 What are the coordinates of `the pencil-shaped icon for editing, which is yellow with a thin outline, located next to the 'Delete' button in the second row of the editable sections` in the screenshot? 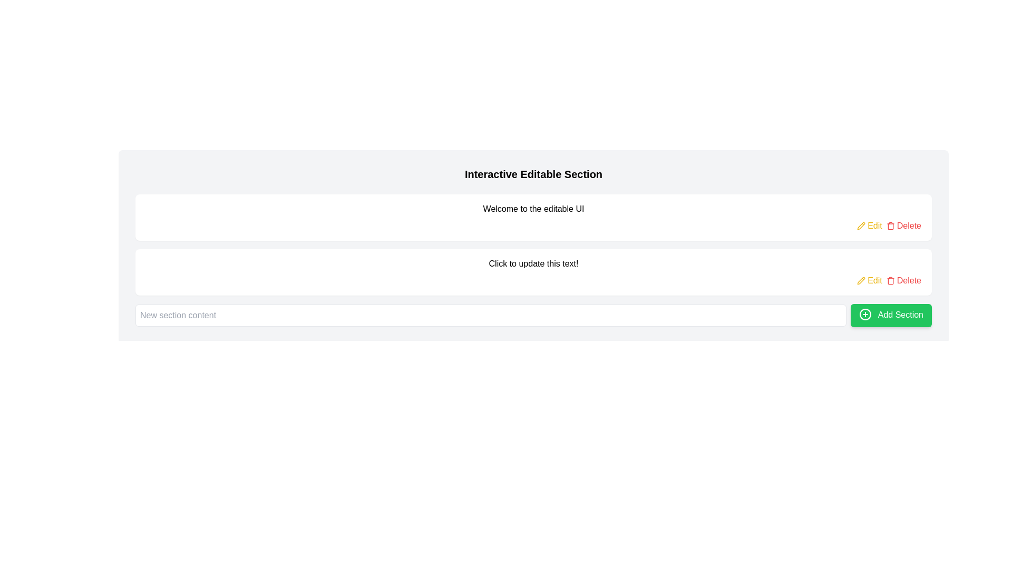 It's located at (861, 280).